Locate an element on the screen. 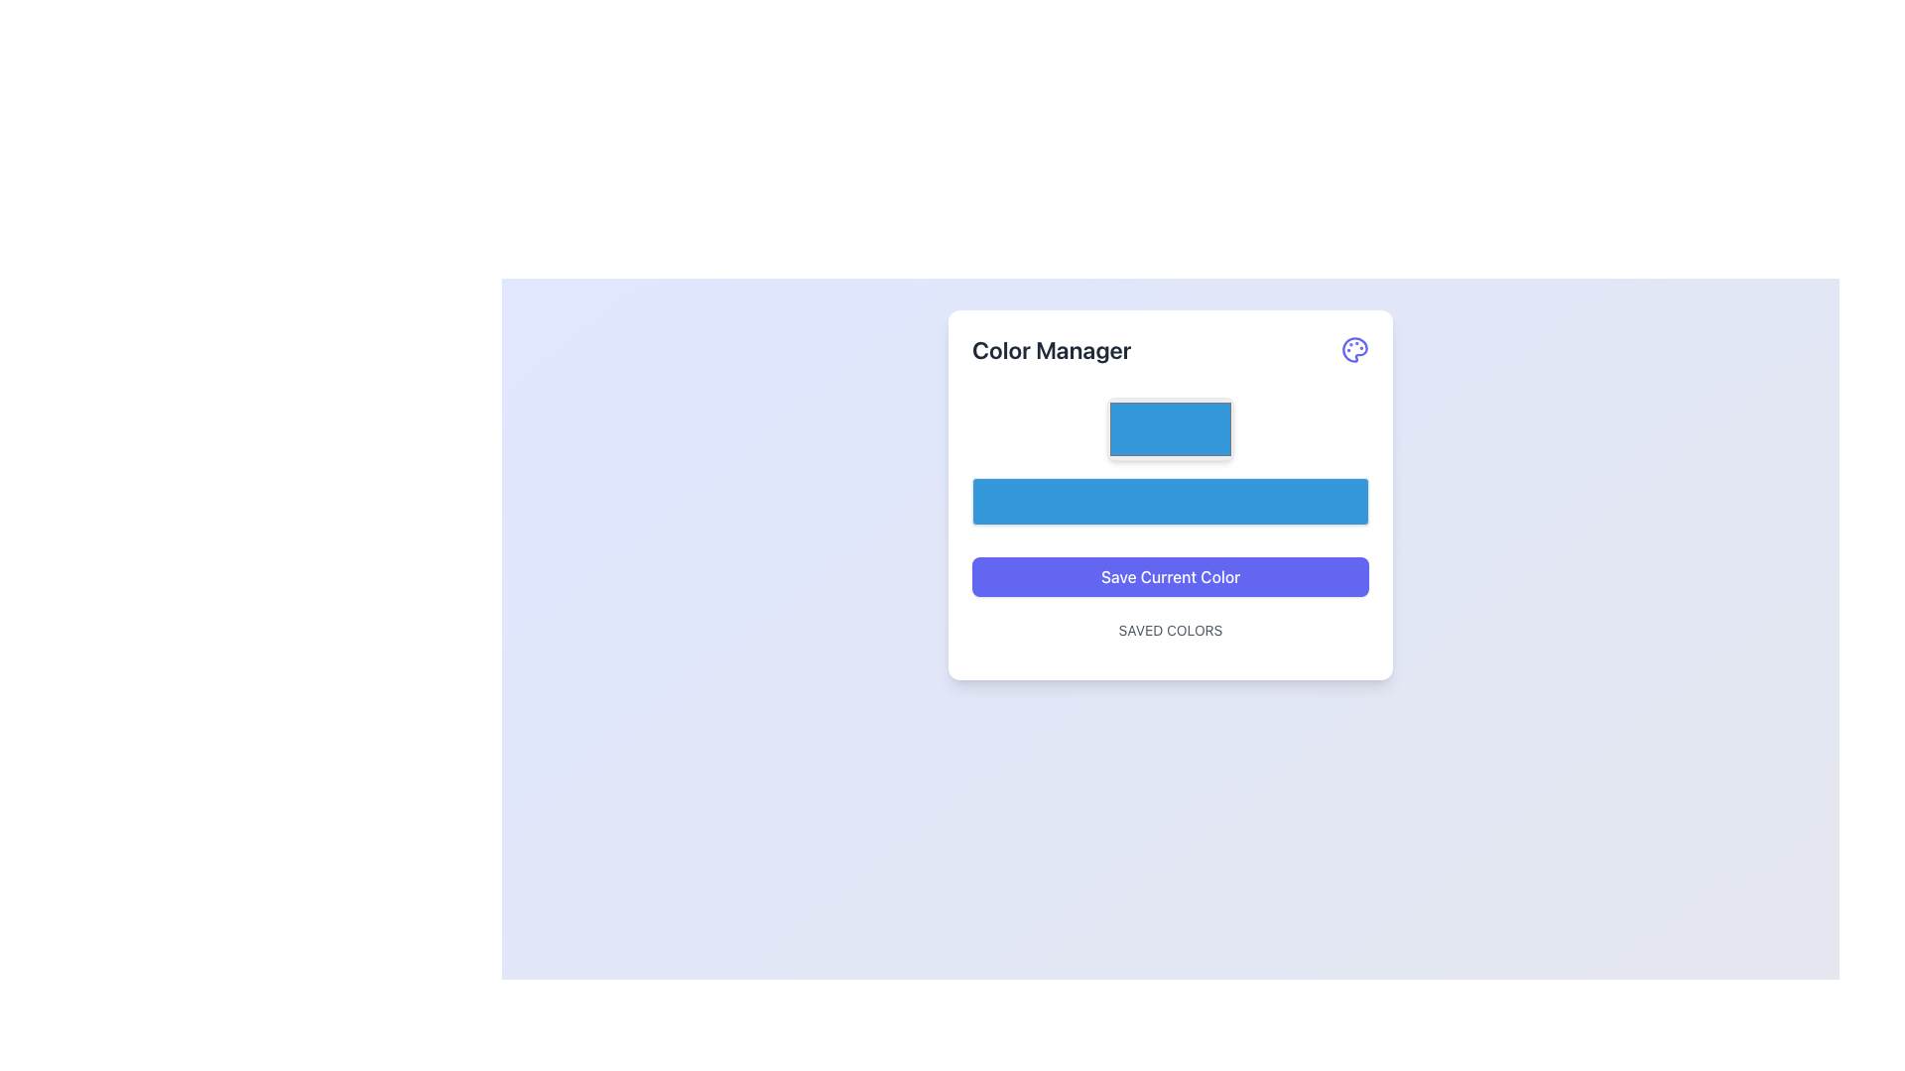 This screenshot has width=1905, height=1071. the 'Save Current Color' button, which is a rectangular button with rounded corners, indigo background, and white text, located in the 'Color Manager' interface is located at coordinates (1171, 577).